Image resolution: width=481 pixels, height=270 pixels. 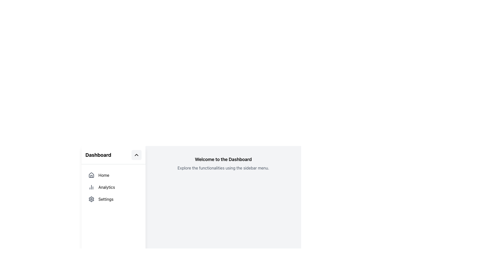 What do you see at coordinates (106, 187) in the screenshot?
I see `the 'Analytics' text label located in the vertical menu` at bounding box center [106, 187].